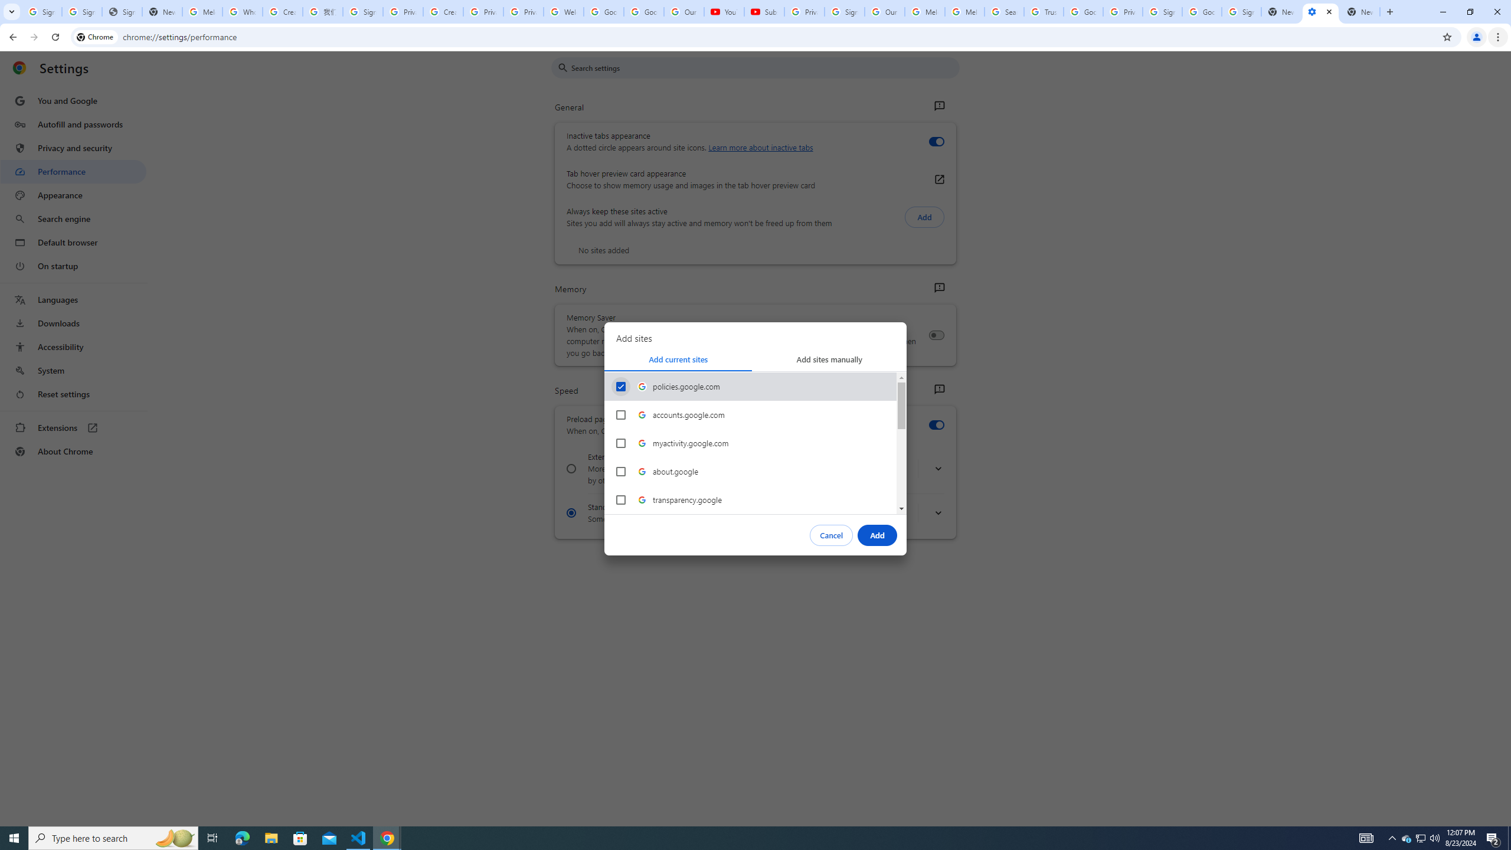 This screenshot has height=850, width=1511. What do you see at coordinates (1360, 11) in the screenshot?
I see `'New Tab'` at bounding box center [1360, 11].